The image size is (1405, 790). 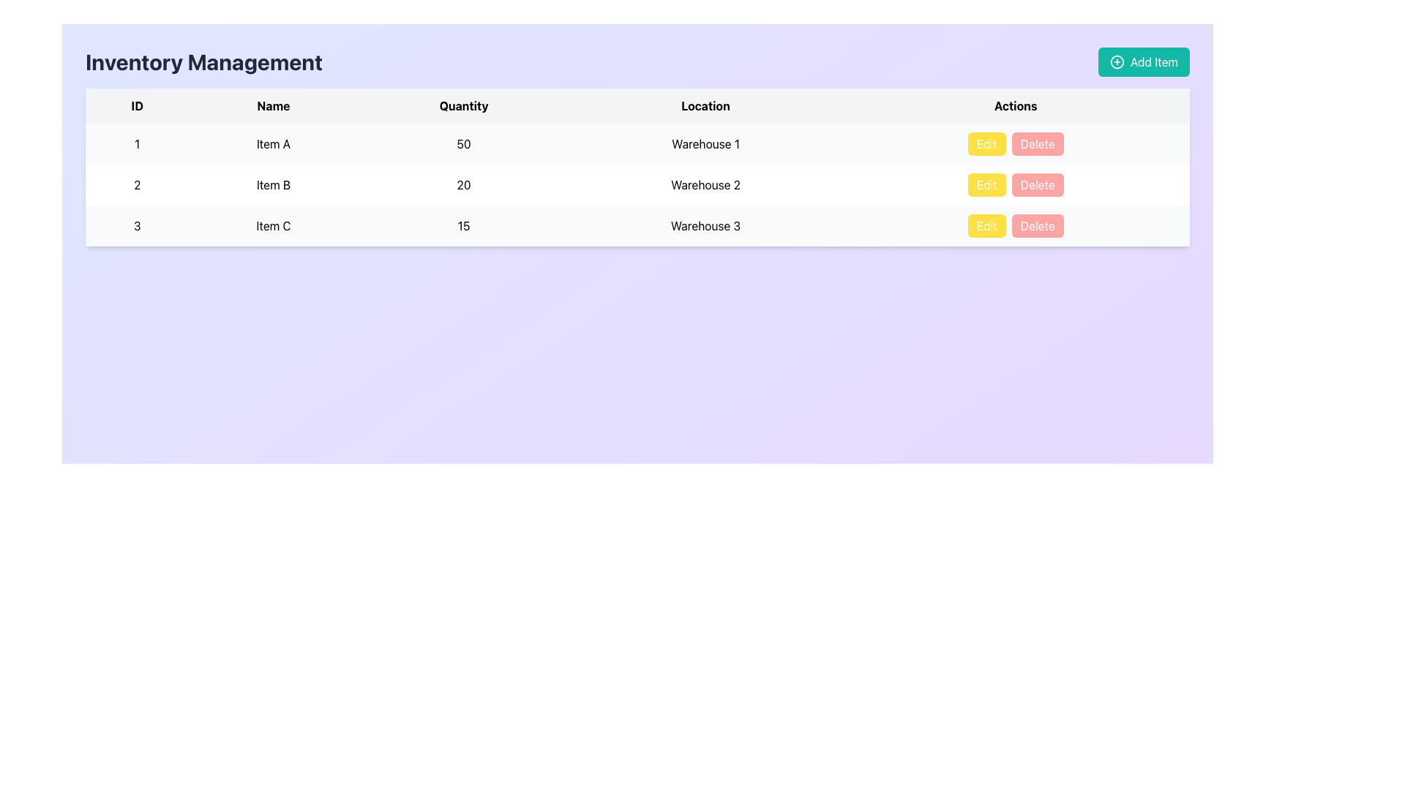 I want to click on the text cell displaying the numeral '2', which is styled with padding and centered alignment, located in the second row of the tabular layout under the 'ID' column, so click(x=137, y=184).